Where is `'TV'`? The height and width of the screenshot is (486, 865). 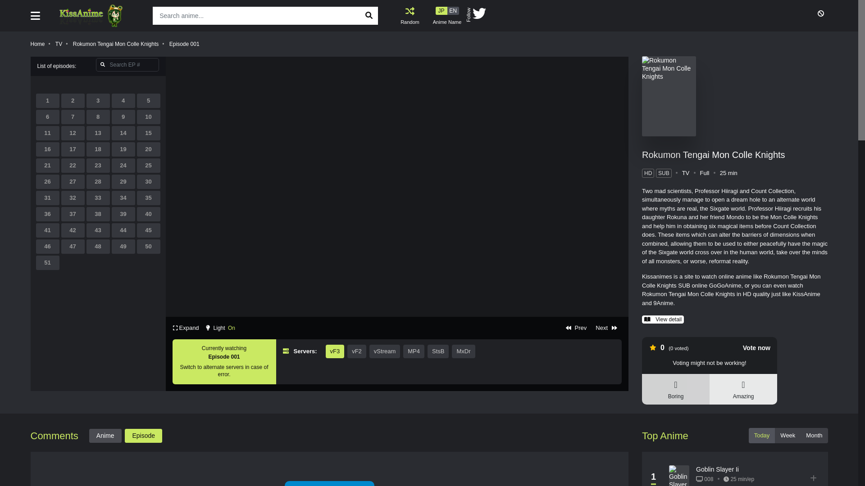 'TV' is located at coordinates (58, 44).